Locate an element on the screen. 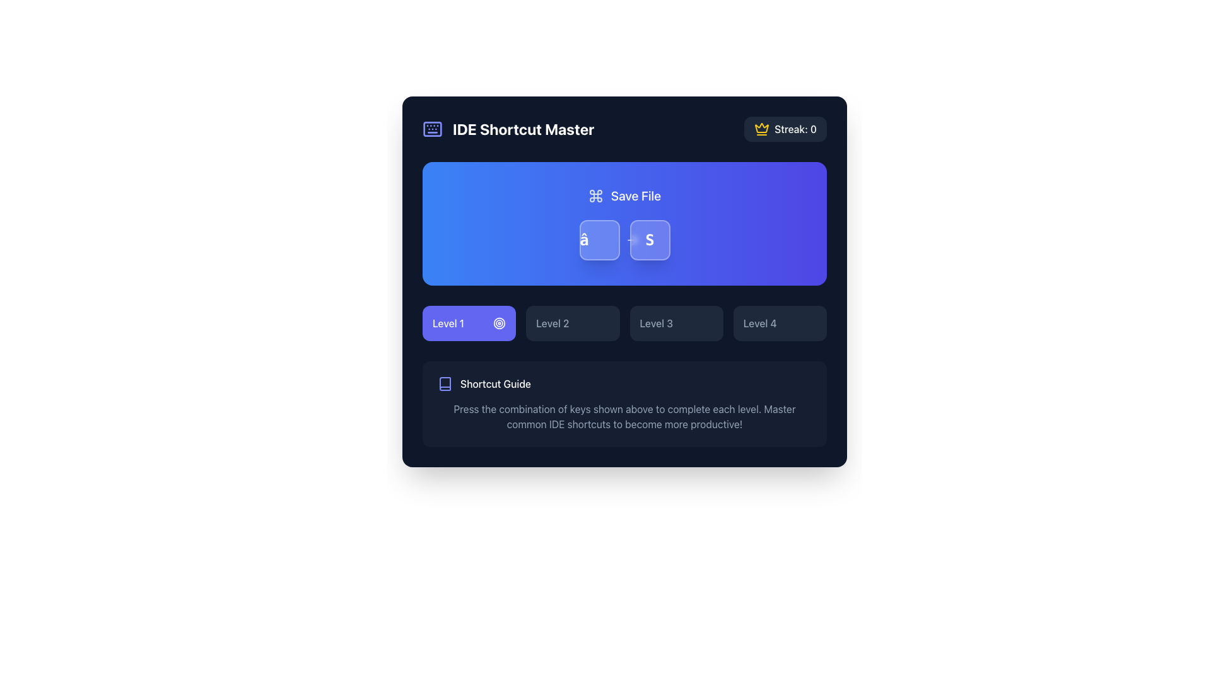 The height and width of the screenshot is (681, 1211). the SVG rectangle that visually represents the keyboard's outline in the graphical keyboard icon located at the top-left corner of the interface is located at coordinates (433, 129).